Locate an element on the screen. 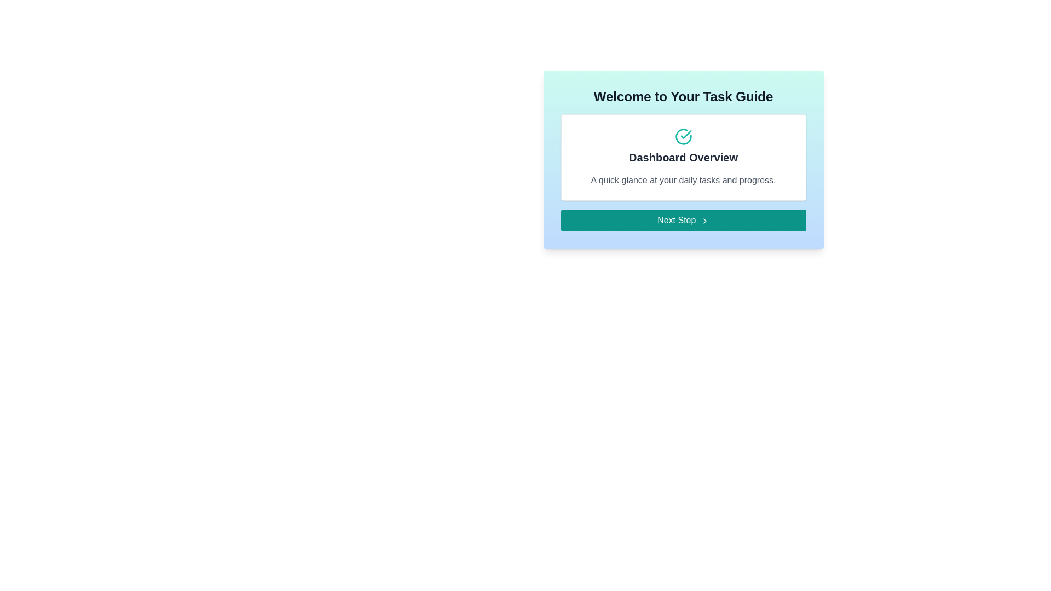  the teal-colored 'Next Step' button with rounded corners located beneath the 'Dashboard Overview' section to proceed to the next step is located at coordinates (683, 220).